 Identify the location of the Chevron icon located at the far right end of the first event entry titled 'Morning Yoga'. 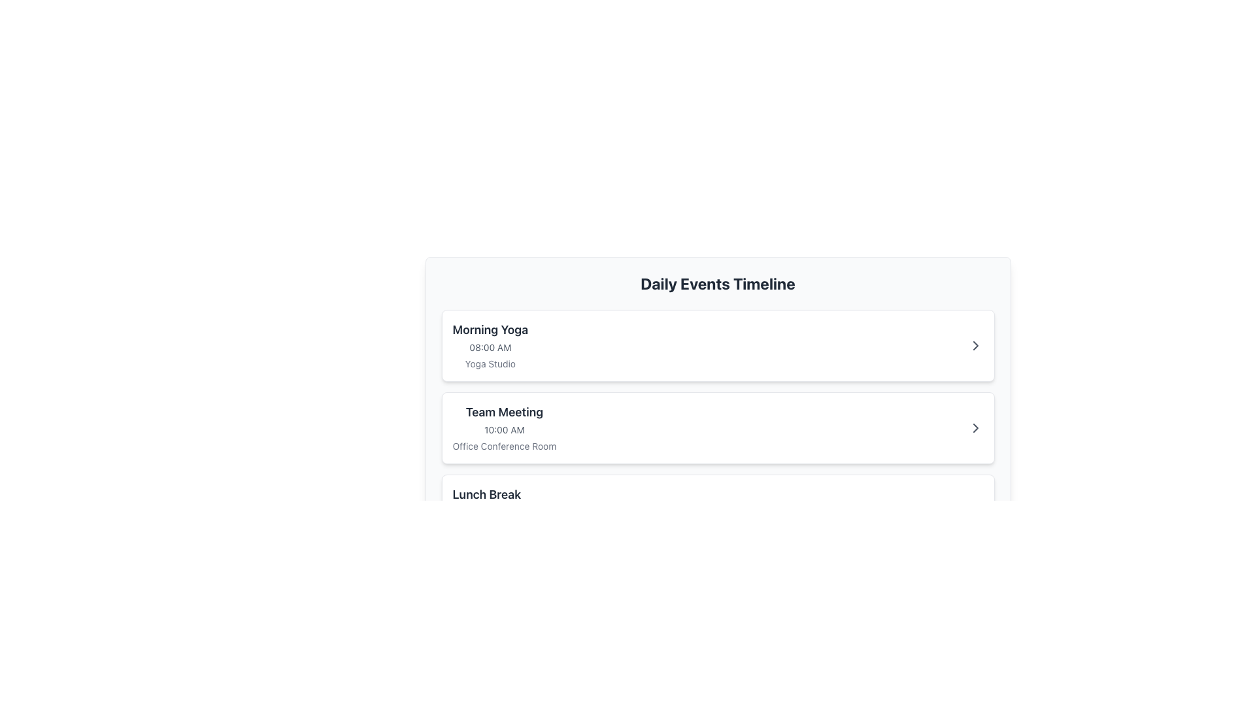
(975, 345).